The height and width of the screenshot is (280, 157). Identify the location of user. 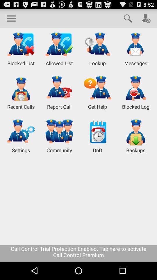
(146, 18).